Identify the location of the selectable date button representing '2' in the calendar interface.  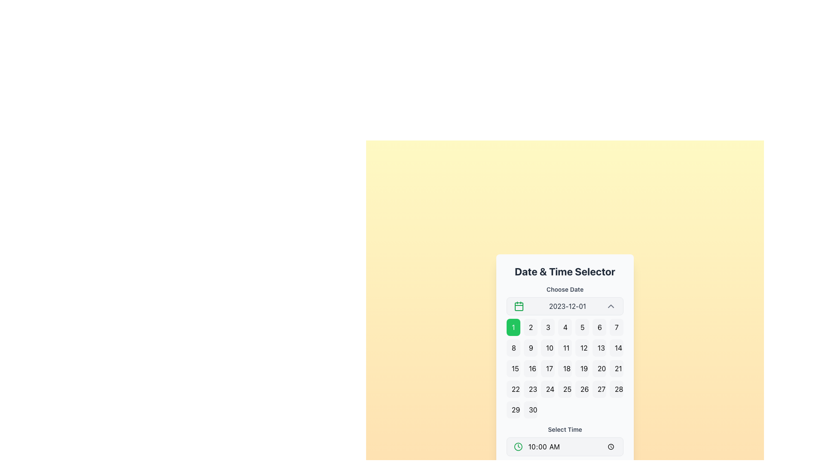
(530, 327).